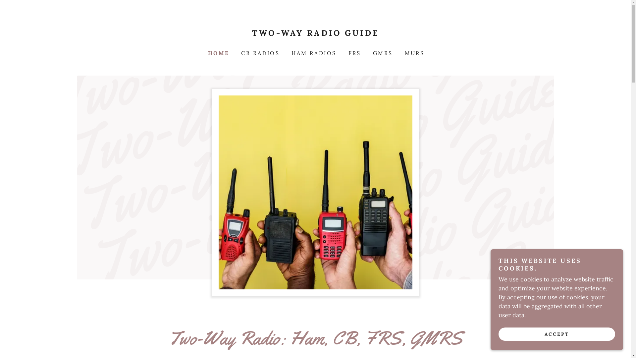 This screenshot has height=358, width=636. What do you see at coordinates (259, 52) in the screenshot?
I see `'CB RADIOS'` at bounding box center [259, 52].